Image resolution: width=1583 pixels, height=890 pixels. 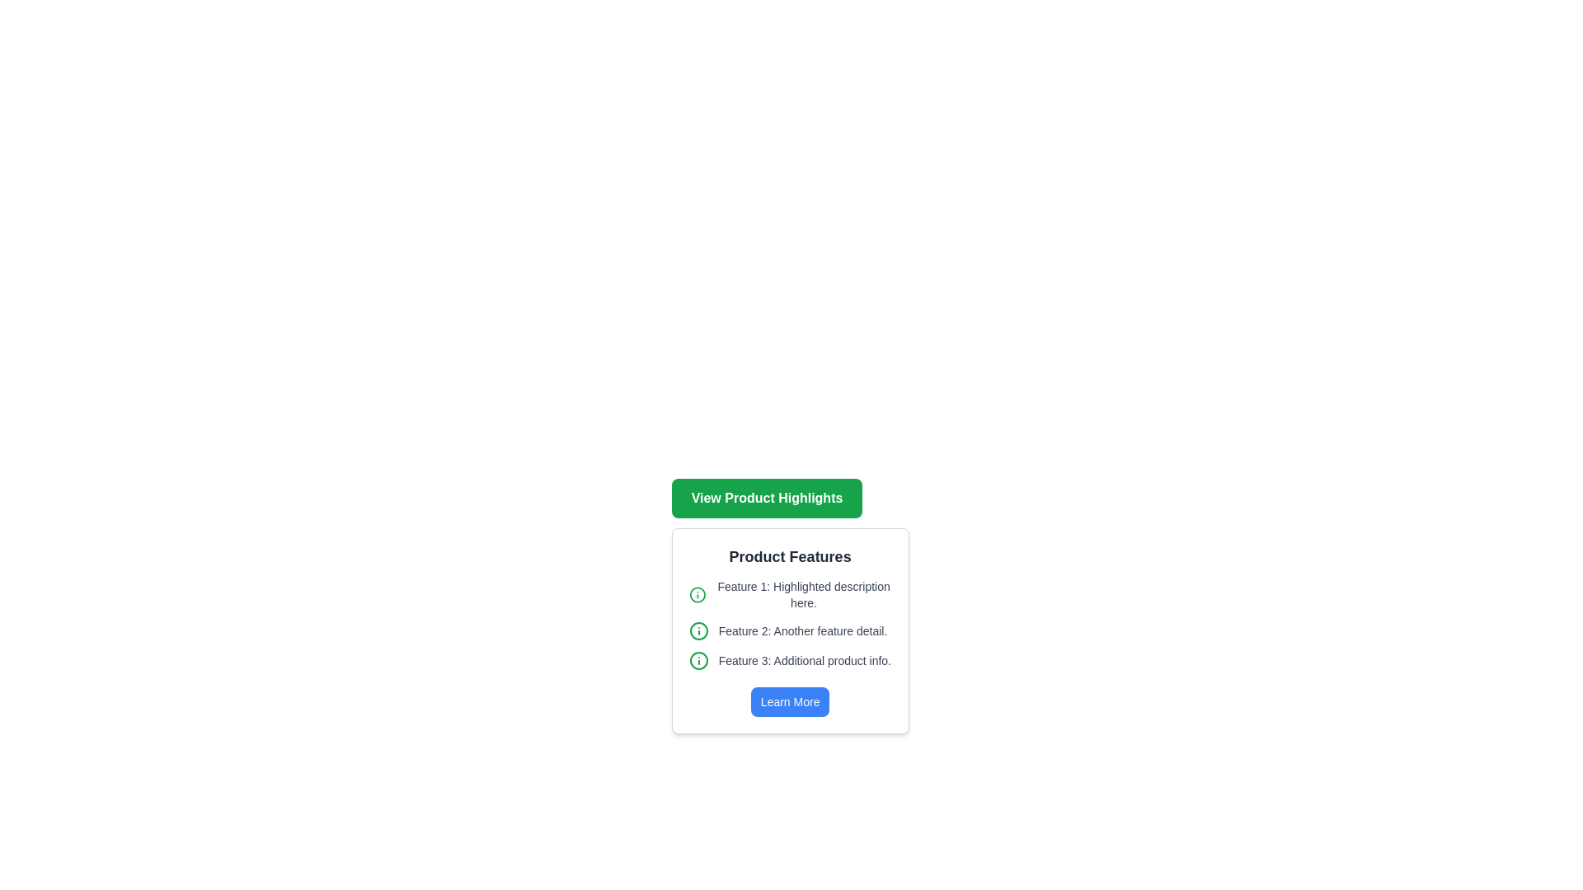 What do you see at coordinates (805, 660) in the screenshot?
I see `the static text that provides descriptive information about the third product feature, which is located within a white card layout and is the third item in a vertically arranged list of product features` at bounding box center [805, 660].